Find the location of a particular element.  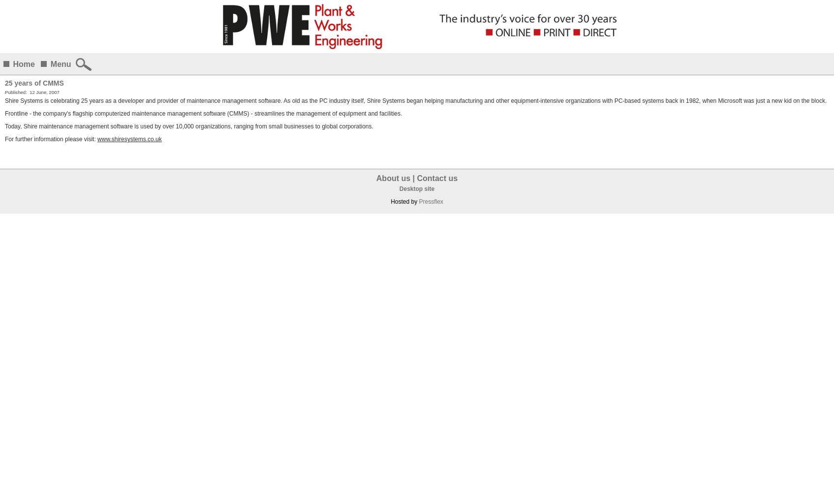

'Home' is located at coordinates (23, 64).